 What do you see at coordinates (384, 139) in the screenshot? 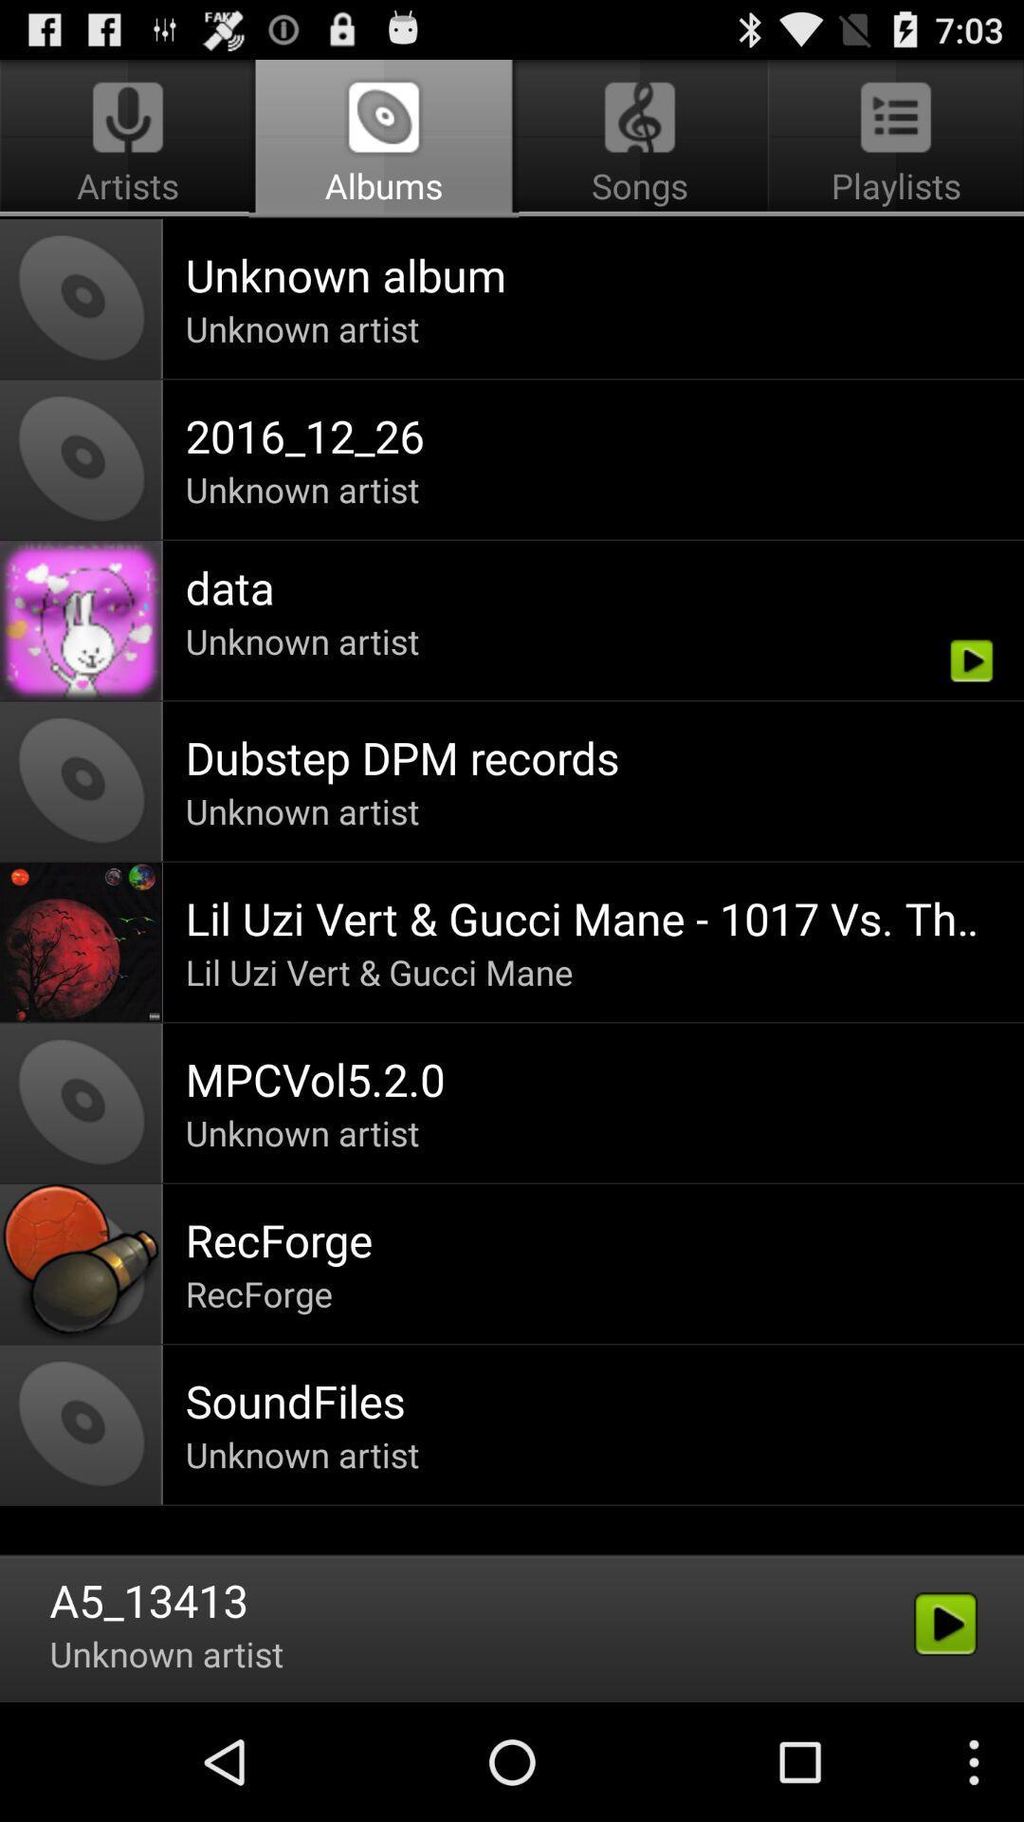
I see `albums` at bounding box center [384, 139].